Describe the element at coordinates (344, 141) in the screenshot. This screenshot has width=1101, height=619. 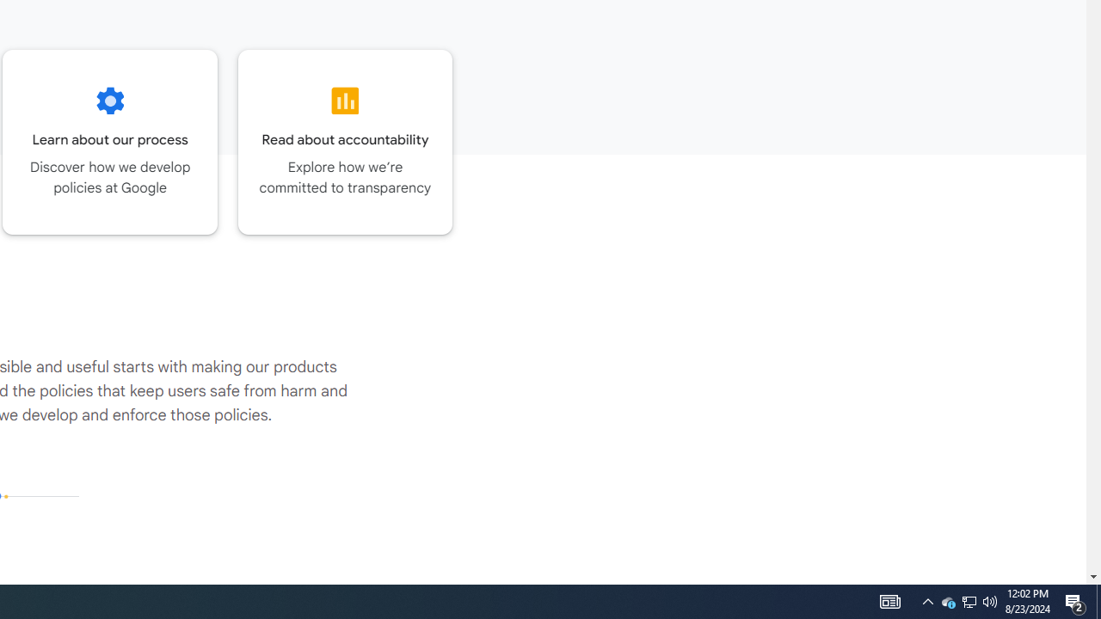
I see `'Go to the Accountability page'` at that location.